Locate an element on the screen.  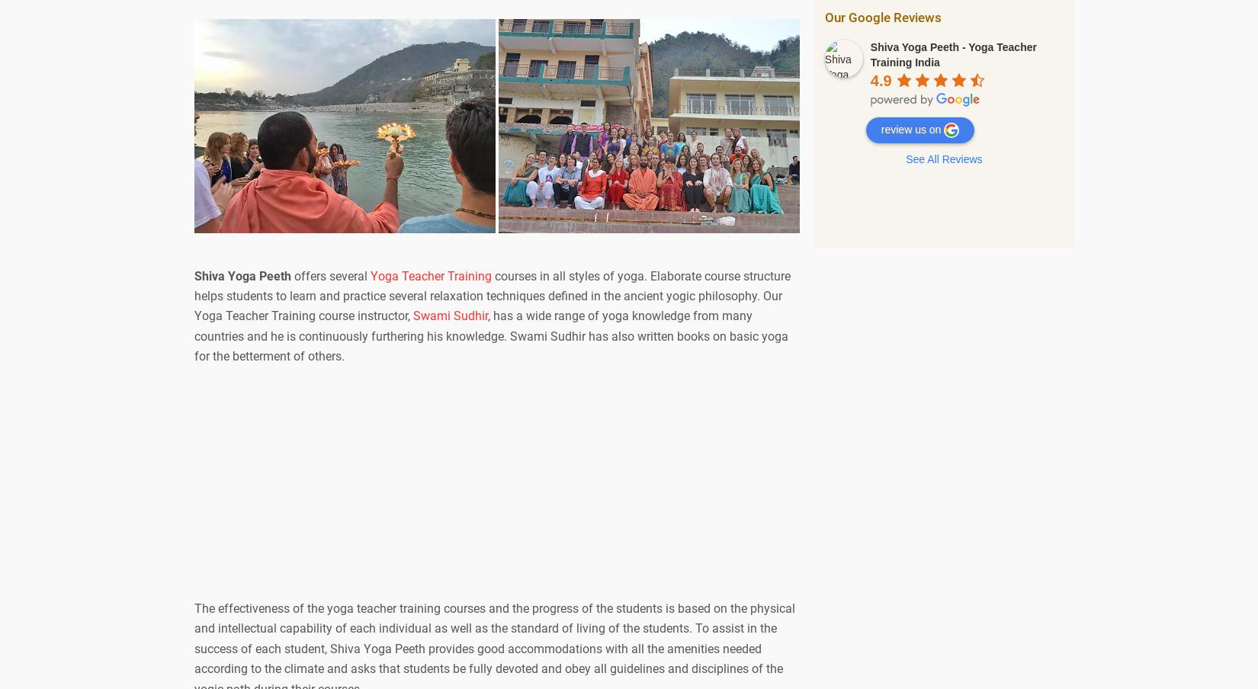
'courses in all styles of yoga. Elaborate course structure helps students to learn and practice several relaxation techniques defined in the ancient yogic philosophy. Our Yoga Teacher Training course instructor,' is located at coordinates (491, 295).